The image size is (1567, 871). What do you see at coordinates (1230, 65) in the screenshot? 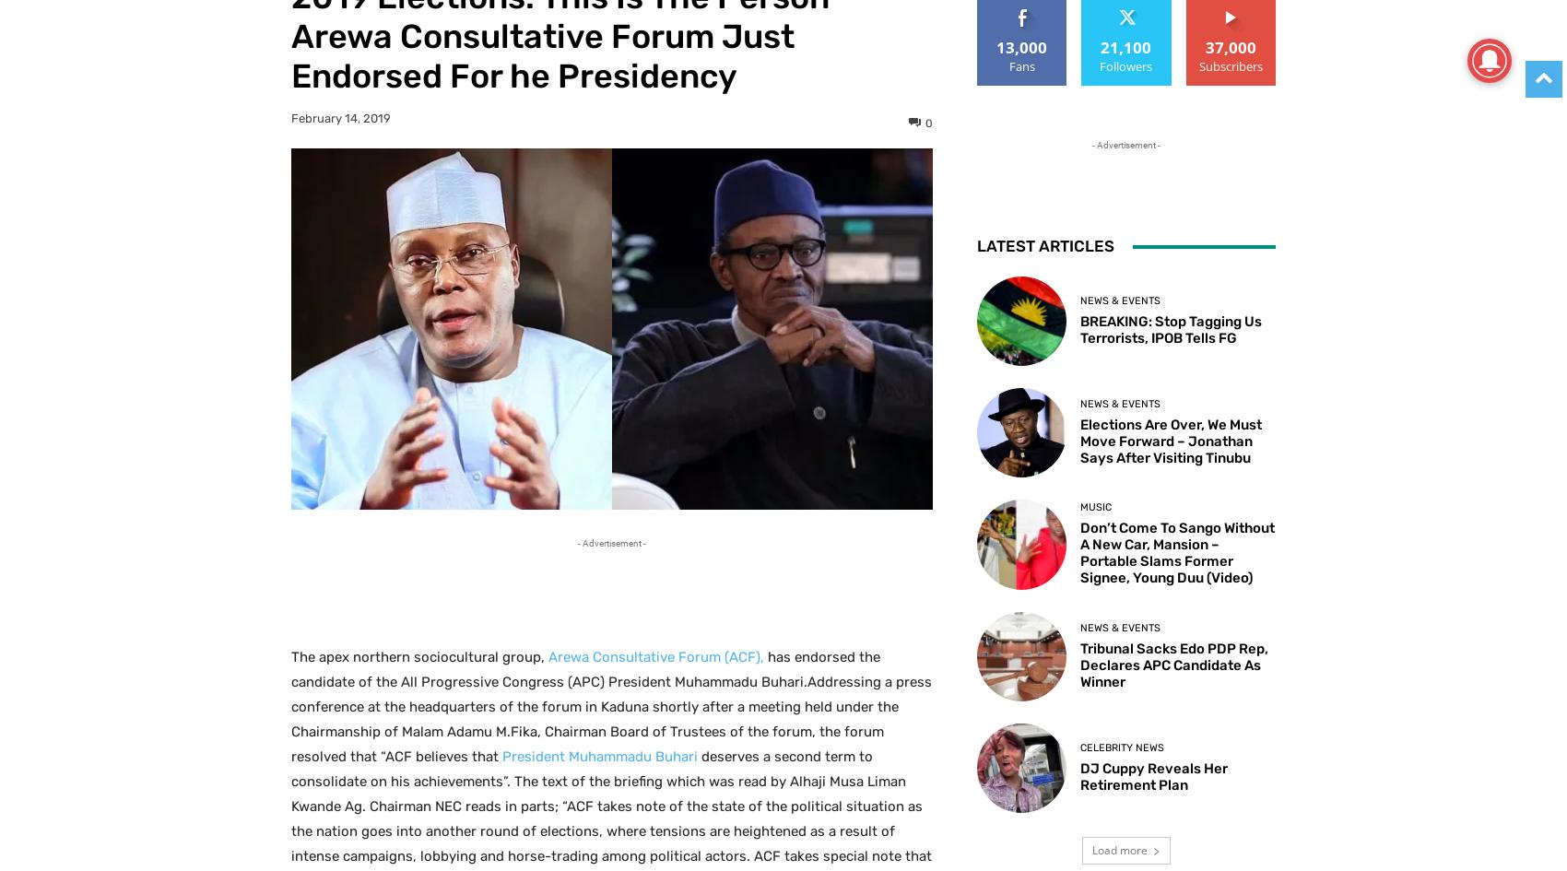
I see `'Subscribers'` at bounding box center [1230, 65].